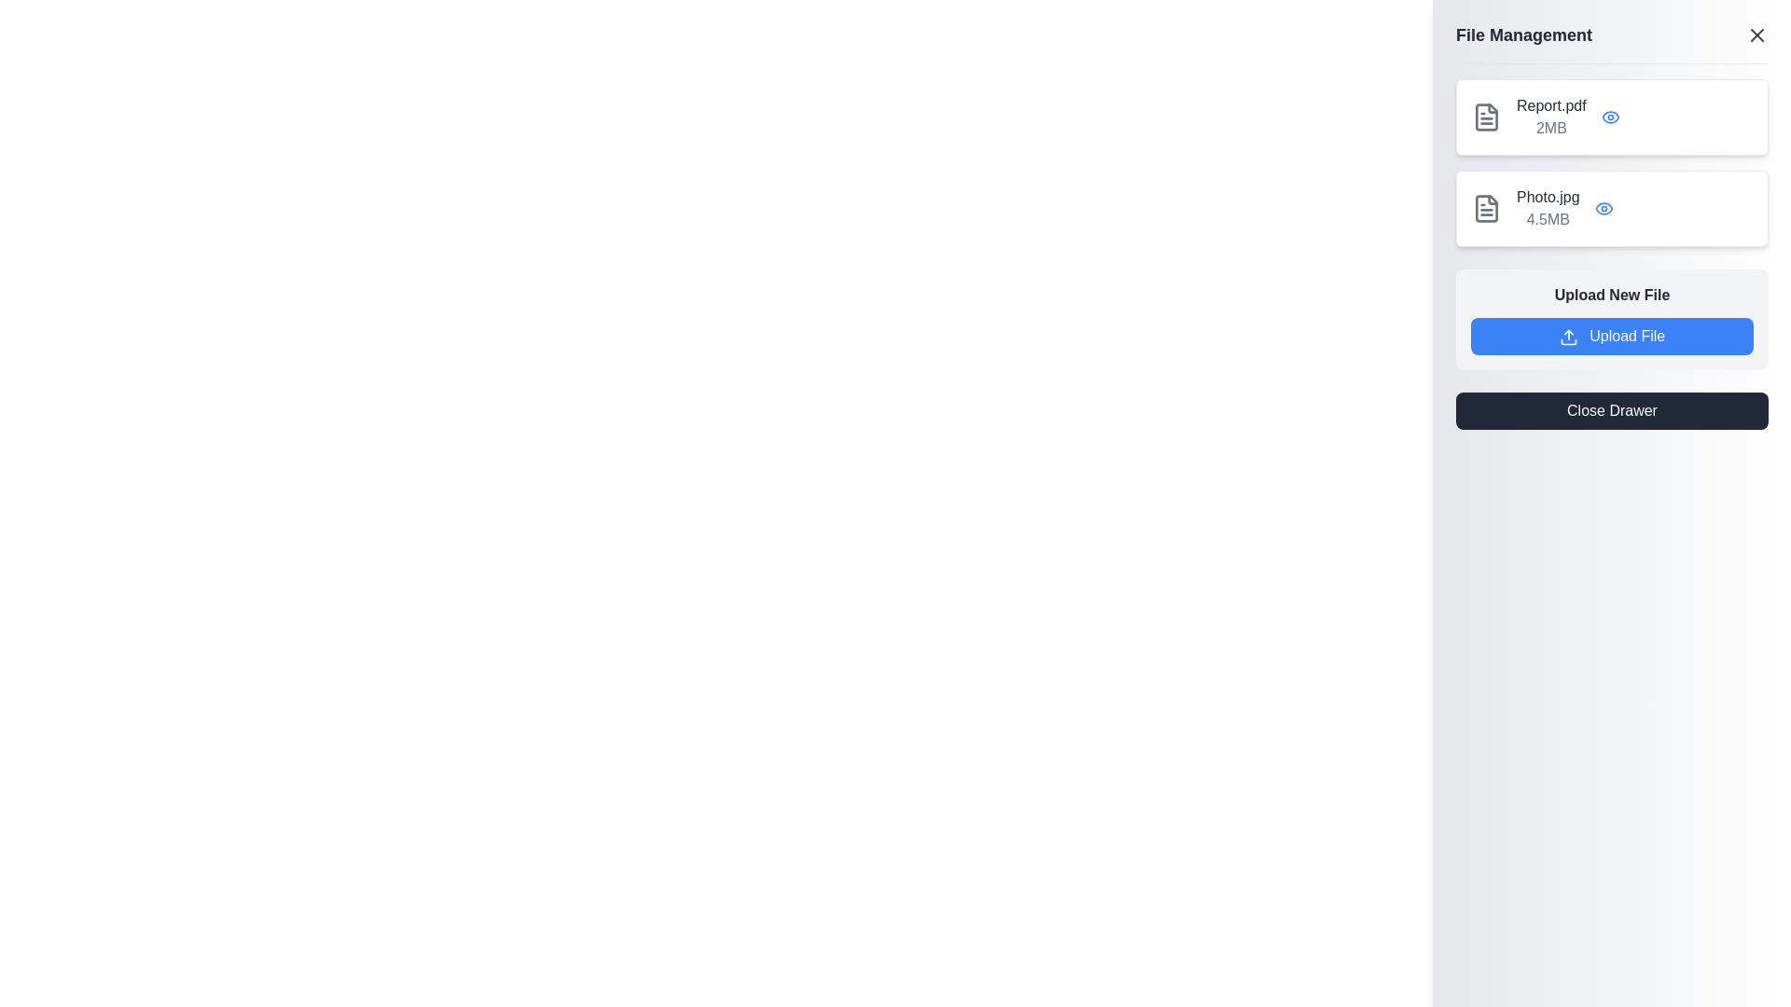 The width and height of the screenshot is (1791, 1007). Describe the element at coordinates (1548, 208) in the screenshot. I see `the text label displaying 'Photo.jpg' and '4.5MB' within the file card under 'File Management'` at that location.